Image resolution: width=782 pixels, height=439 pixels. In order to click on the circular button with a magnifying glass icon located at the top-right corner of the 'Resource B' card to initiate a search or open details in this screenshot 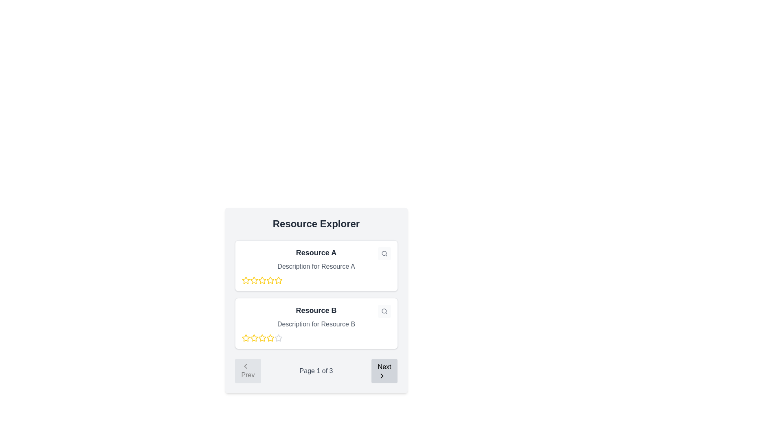, I will do `click(384, 311)`.